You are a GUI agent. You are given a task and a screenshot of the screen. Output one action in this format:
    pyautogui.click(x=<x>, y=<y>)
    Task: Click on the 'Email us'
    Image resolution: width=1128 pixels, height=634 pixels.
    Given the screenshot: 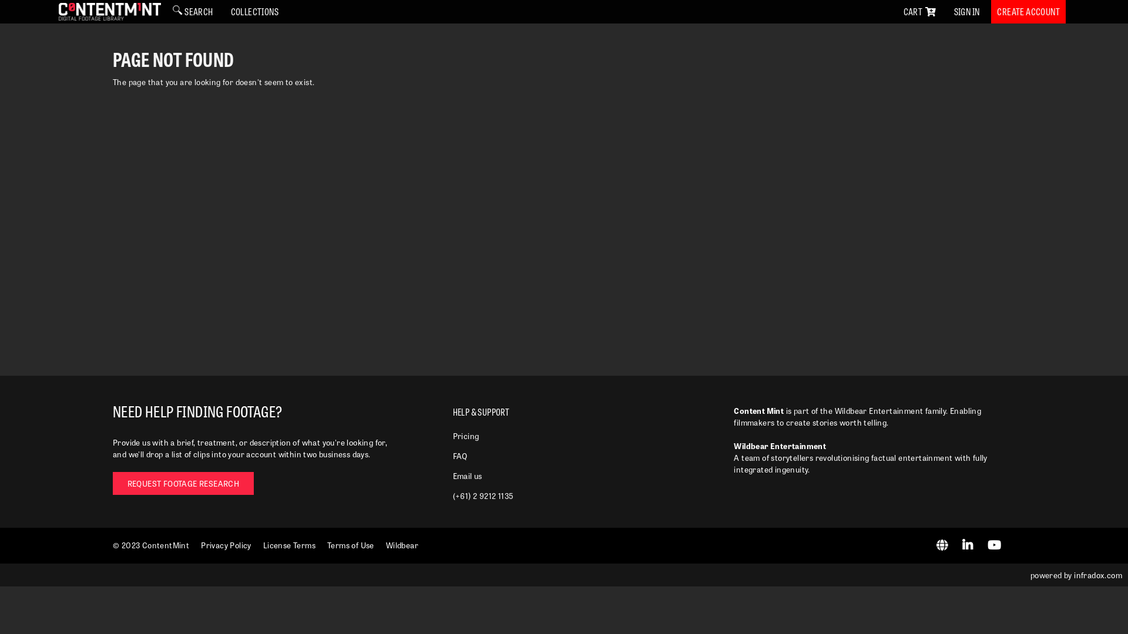 What is the action you would take?
    pyautogui.click(x=467, y=475)
    